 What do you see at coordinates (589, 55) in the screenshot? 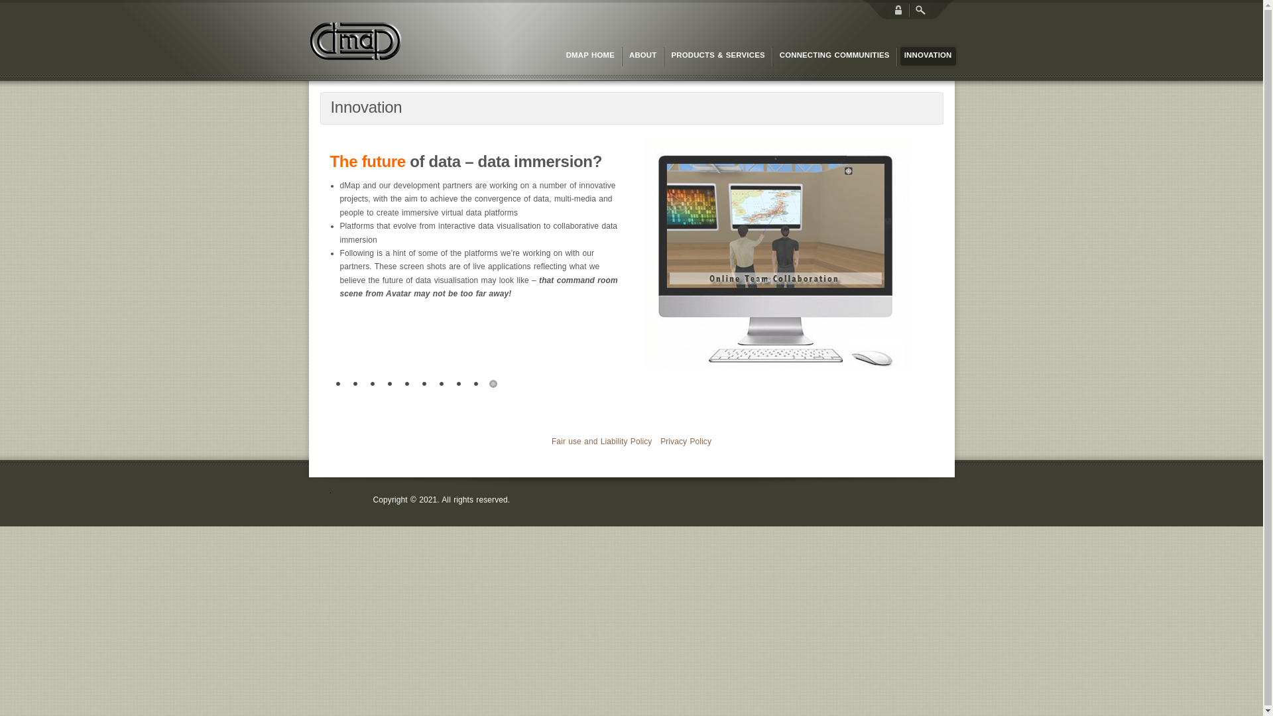
I see `'DMAP HOME'` at bounding box center [589, 55].